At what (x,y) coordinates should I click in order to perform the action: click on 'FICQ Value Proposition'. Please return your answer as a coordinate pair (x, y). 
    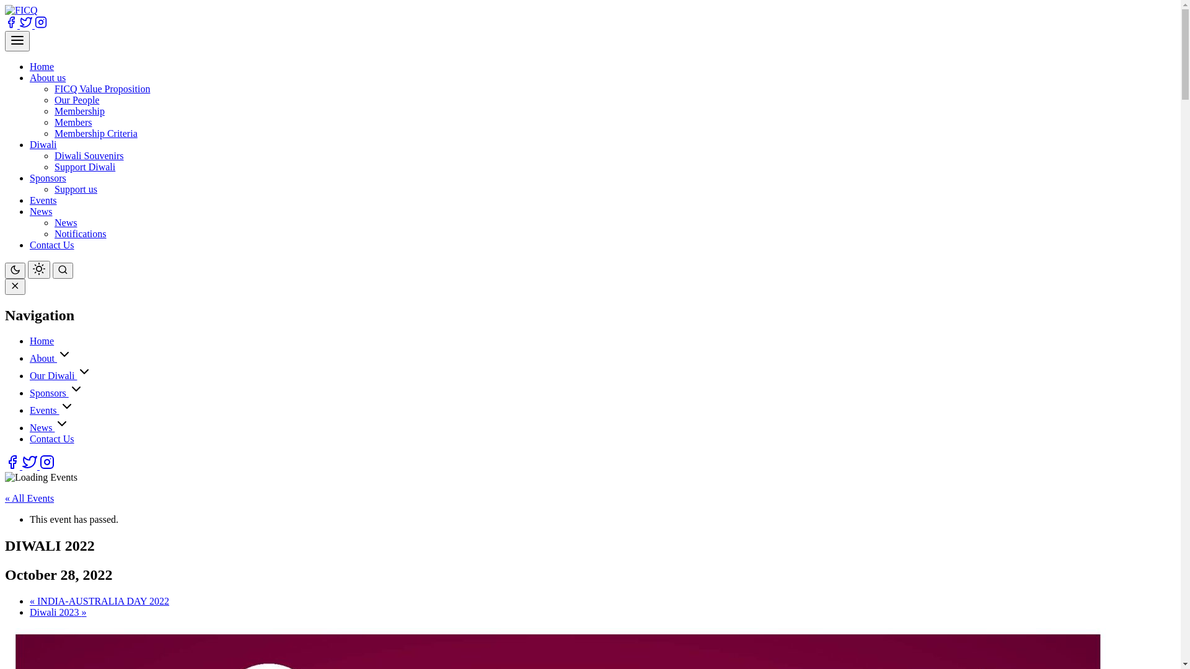
    Looking at the image, I should click on (102, 88).